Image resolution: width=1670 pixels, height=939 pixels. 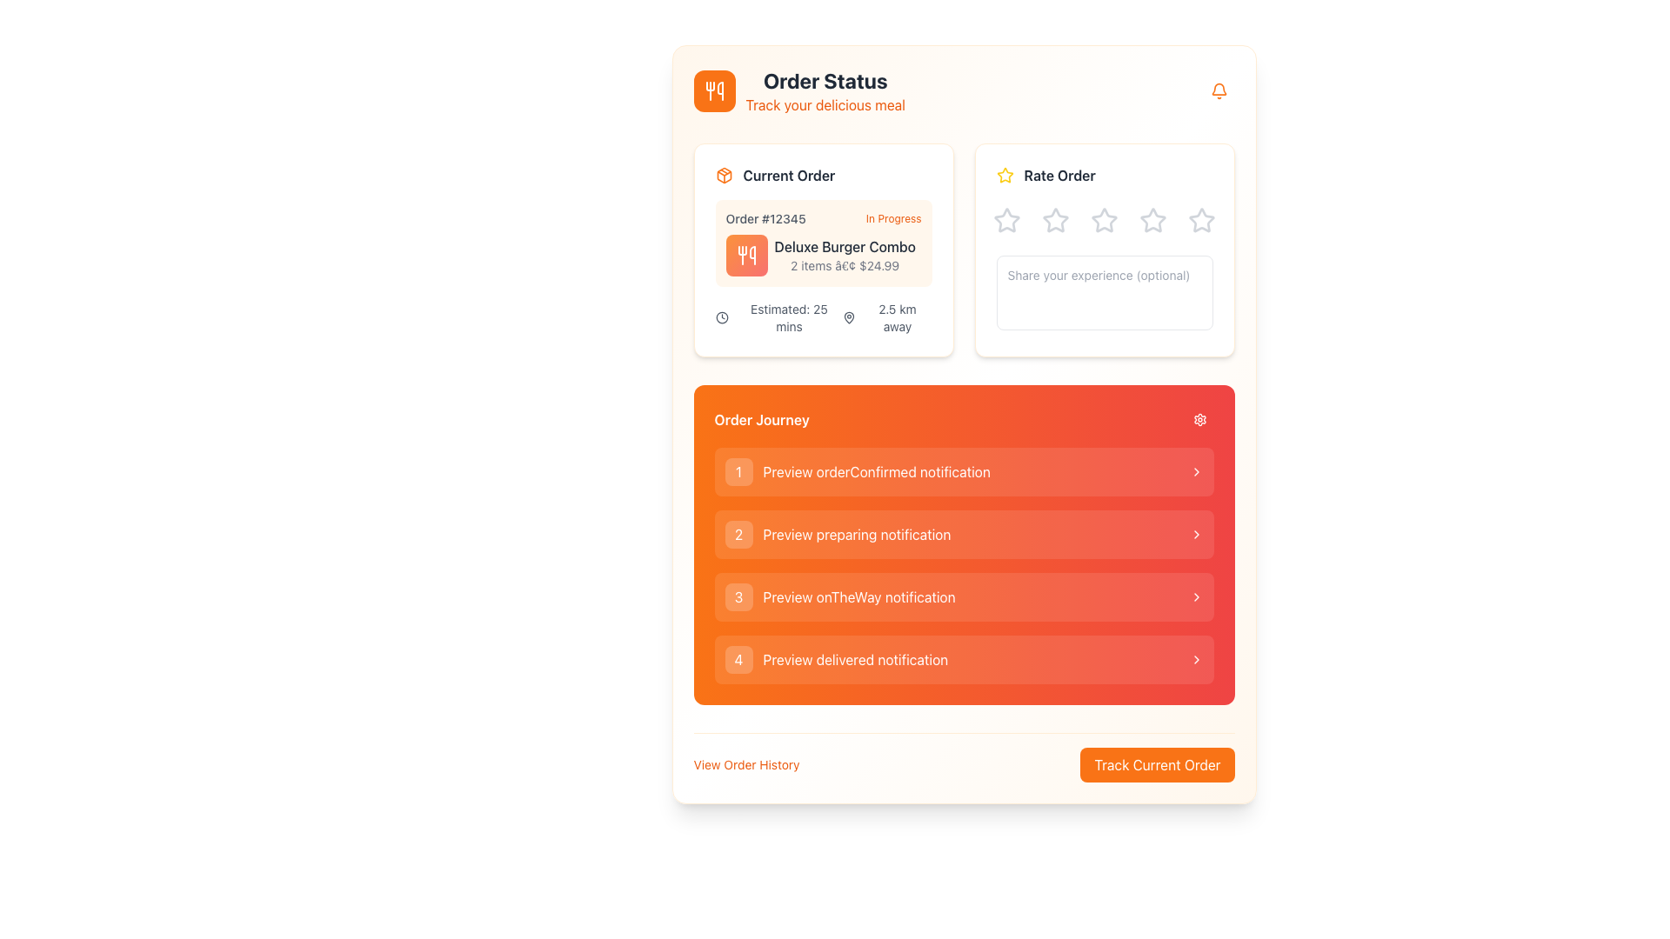 I want to click on the third star icon in the 'Rate Order' section to see the current rating state, so click(x=1104, y=219).